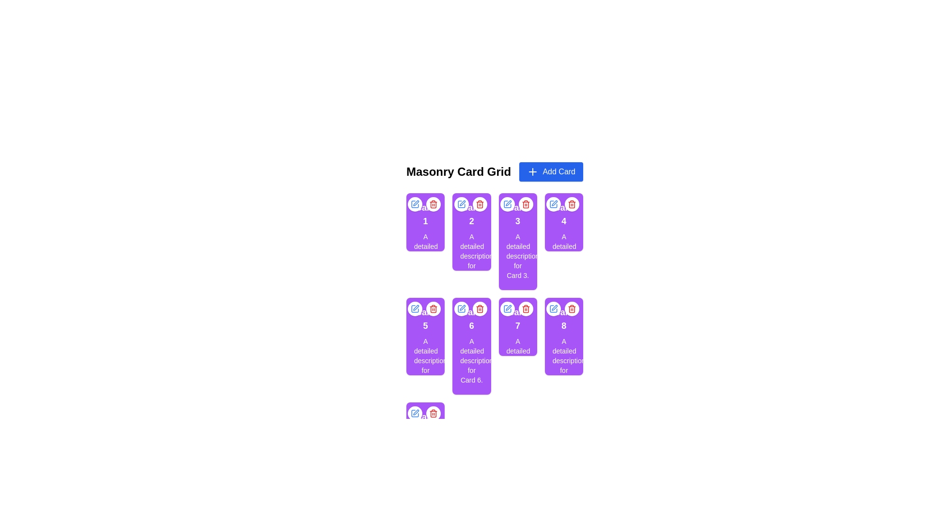 The width and height of the screenshot is (930, 523). What do you see at coordinates (425, 319) in the screenshot?
I see `displayed text from the label that serves as the title for the fifth card in the masonry grid layout, located near the center of the card` at bounding box center [425, 319].